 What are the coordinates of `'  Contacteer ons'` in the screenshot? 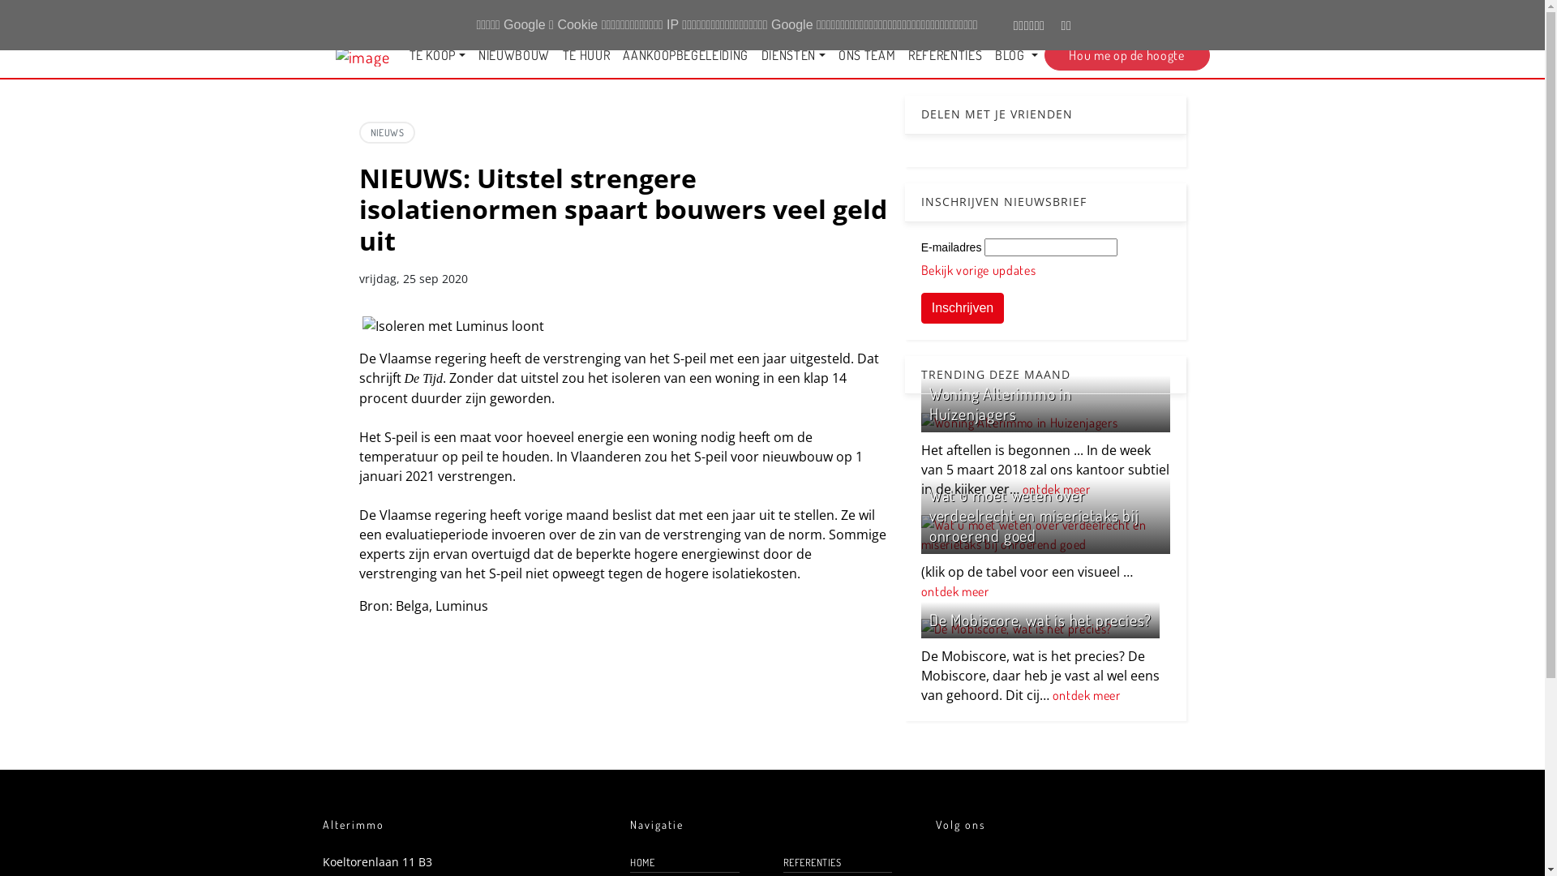 It's located at (1019, 15).